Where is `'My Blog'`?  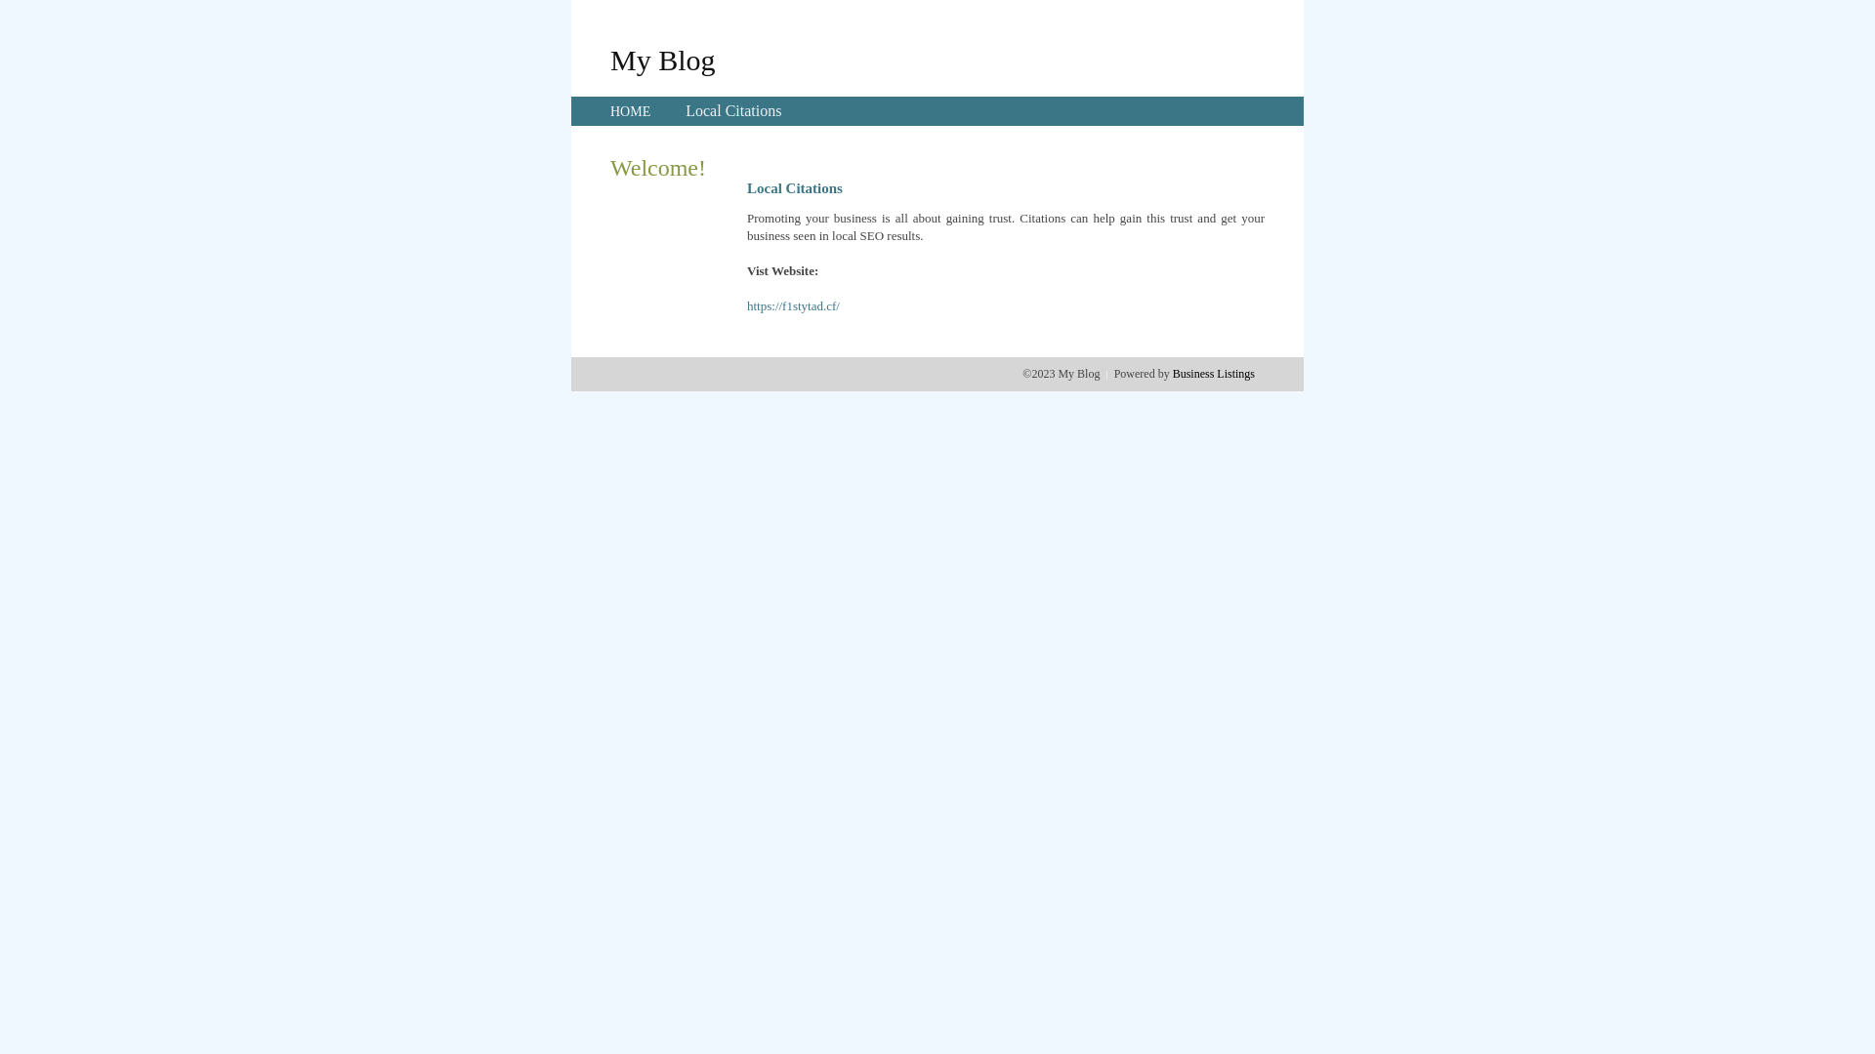 'My Blog' is located at coordinates (608, 59).